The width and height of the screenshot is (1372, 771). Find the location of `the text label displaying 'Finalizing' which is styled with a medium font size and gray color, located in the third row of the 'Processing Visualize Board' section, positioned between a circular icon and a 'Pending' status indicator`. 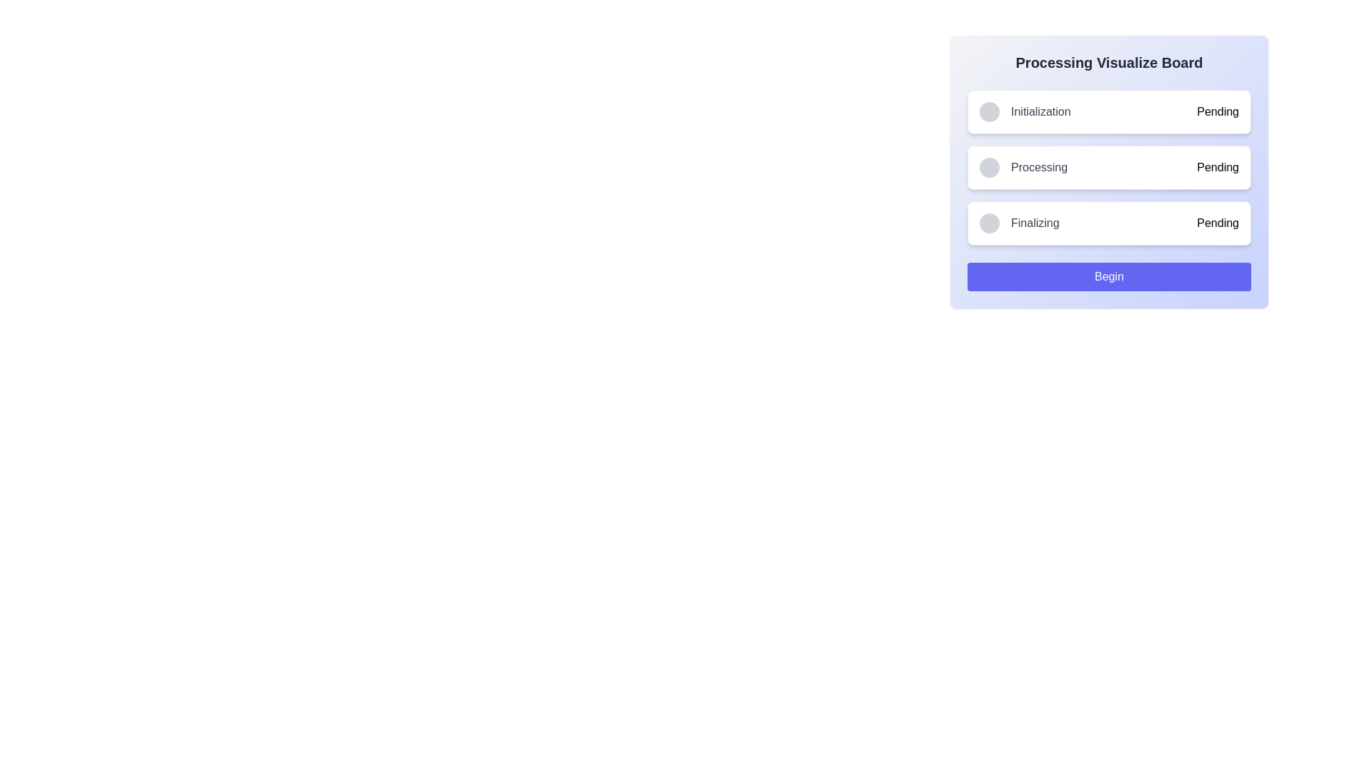

the text label displaying 'Finalizing' which is styled with a medium font size and gray color, located in the third row of the 'Processing Visualize Board' section, positioned between a circular icon and a 'Pending' status indicator is located at coordinates (1035, 223).